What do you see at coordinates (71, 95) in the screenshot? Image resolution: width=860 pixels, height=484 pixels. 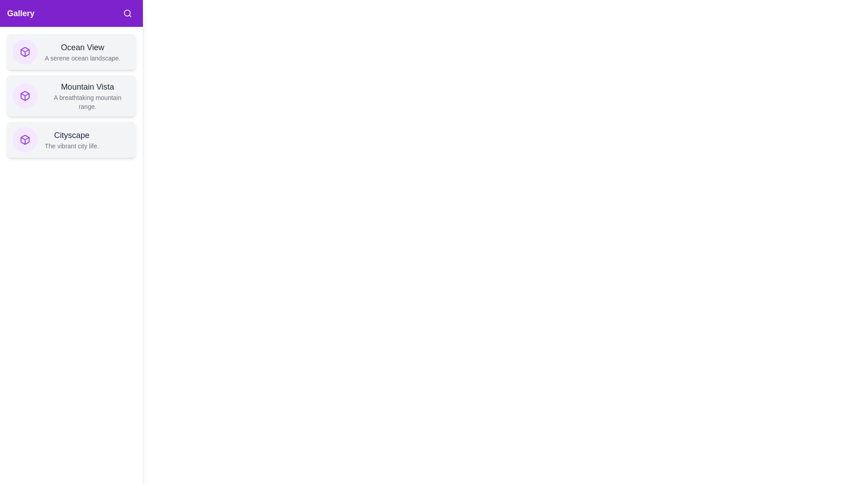 I see `the gallery item titled Mountain Vista` at bounding box center [71, 95].